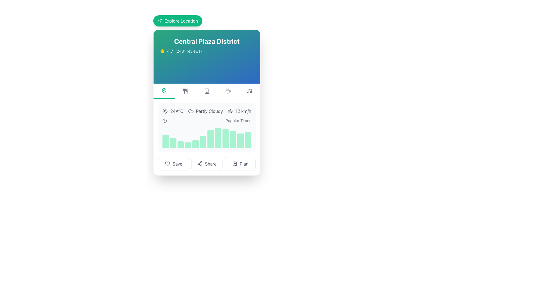  I want to click on the music icon located in the navigational bar, positioned second from the left among similarly styled icons, so click(249, 91).